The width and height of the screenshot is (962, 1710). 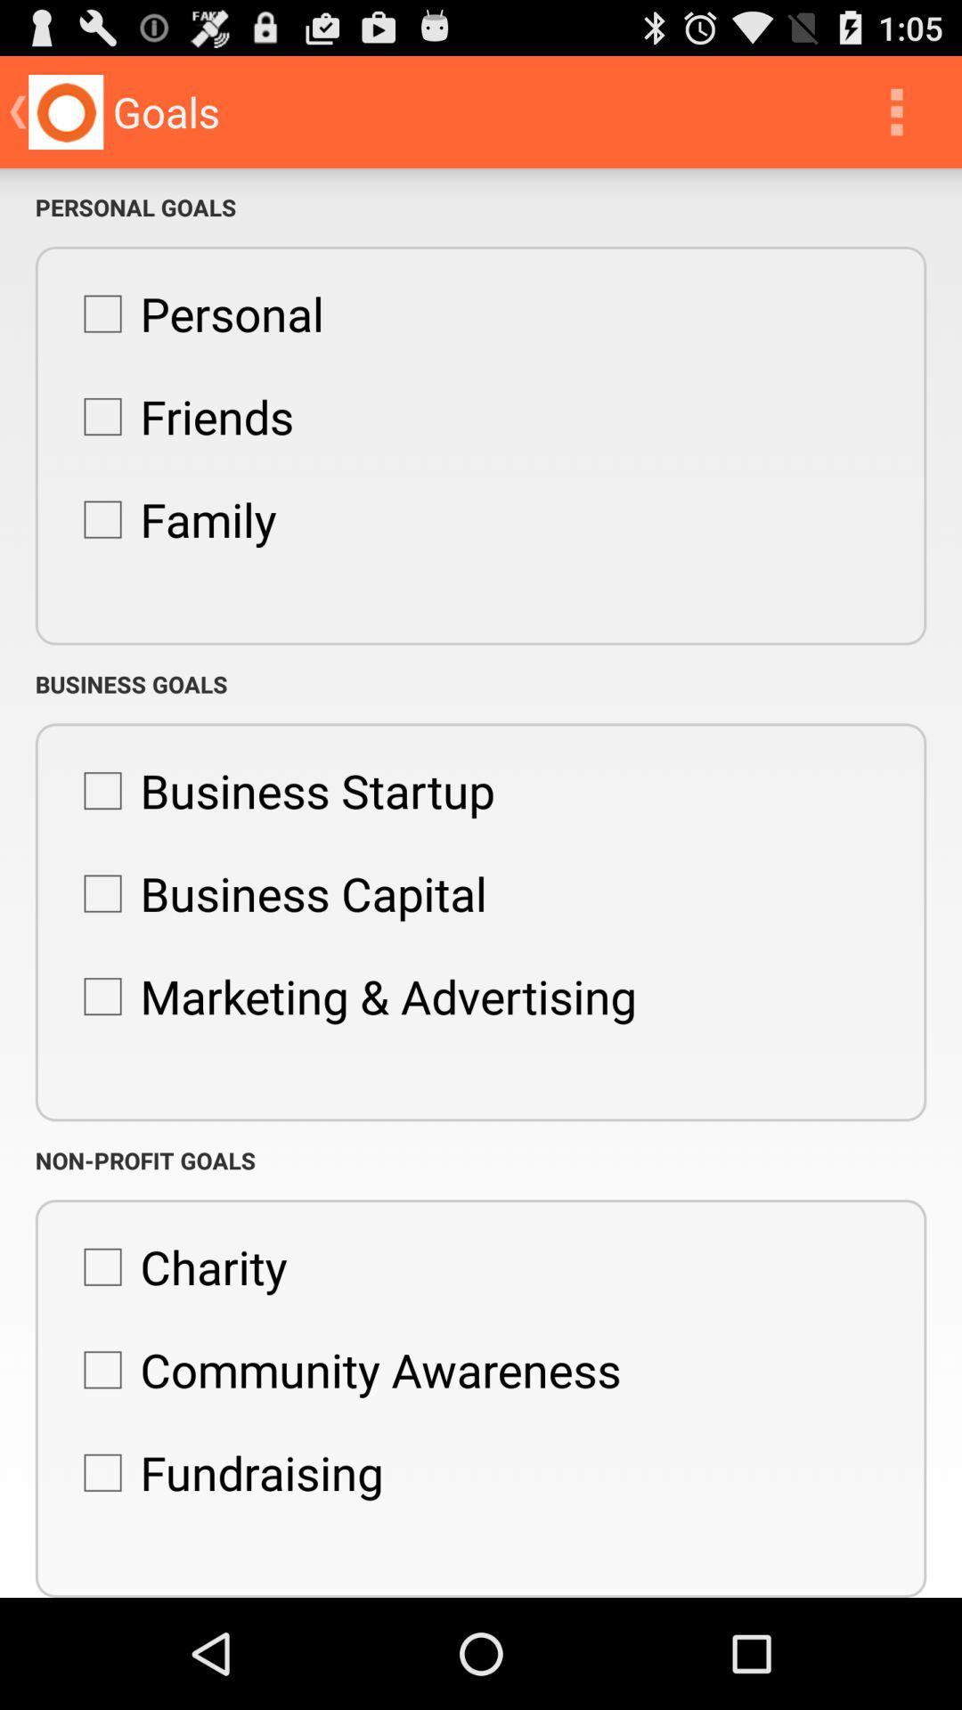 I want to click on community awareness icon, so click(x=343, y=1369).